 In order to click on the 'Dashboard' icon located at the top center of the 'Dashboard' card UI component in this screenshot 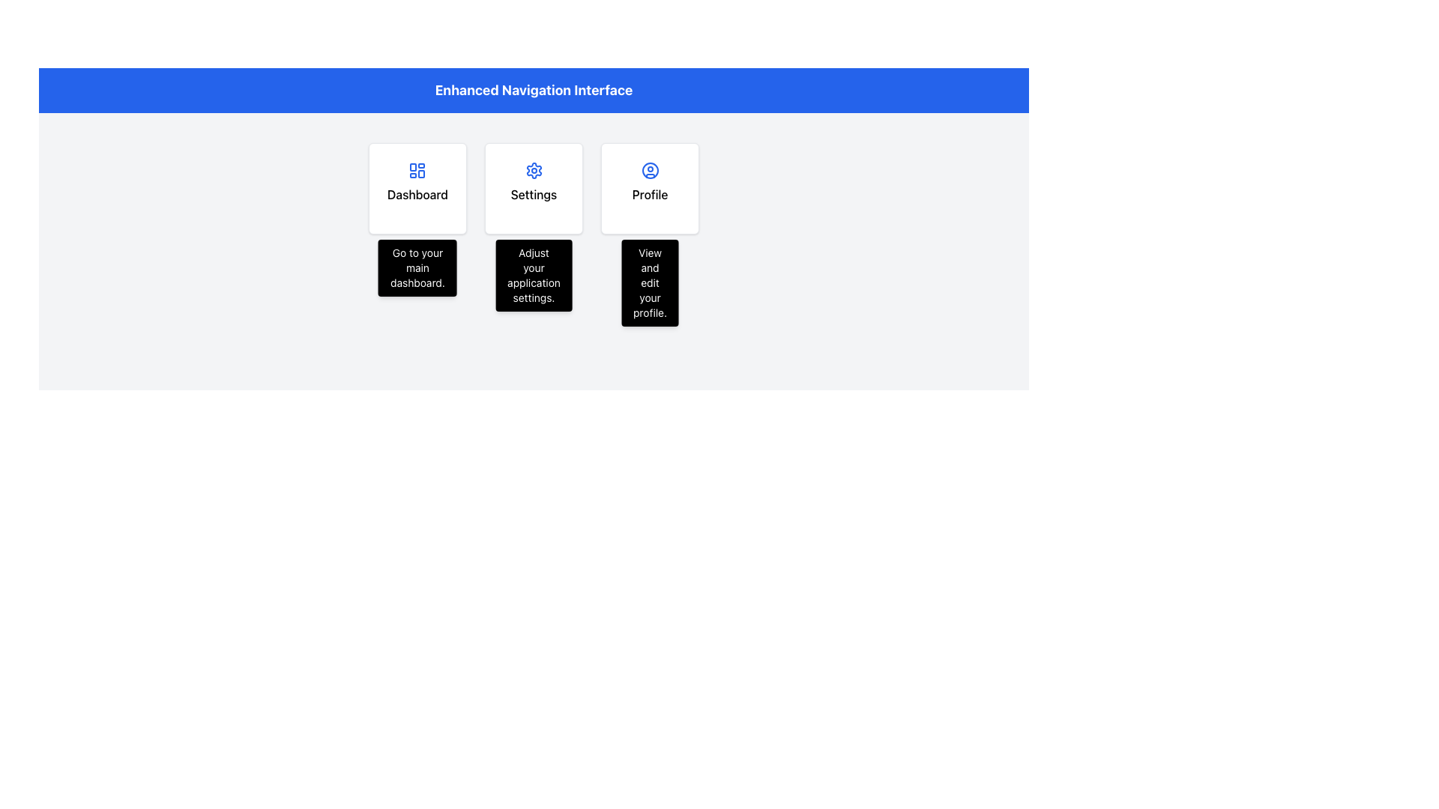, I will do `click(417, 169)`.